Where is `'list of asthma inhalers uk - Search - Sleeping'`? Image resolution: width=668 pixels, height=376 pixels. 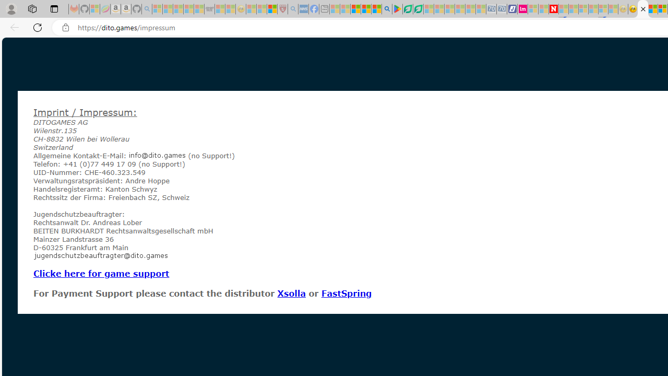 'list of asthma inhalers uk - Search - Sleeping' is located at coordinates (292, 9).